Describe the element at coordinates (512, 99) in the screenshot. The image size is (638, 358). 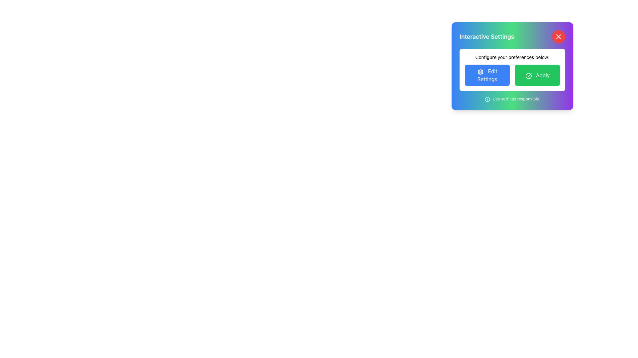
I see `the informational text label located just below the primary content area of the settings interface, which provides guidance or warning regarding the responsible use of settings` at that location.